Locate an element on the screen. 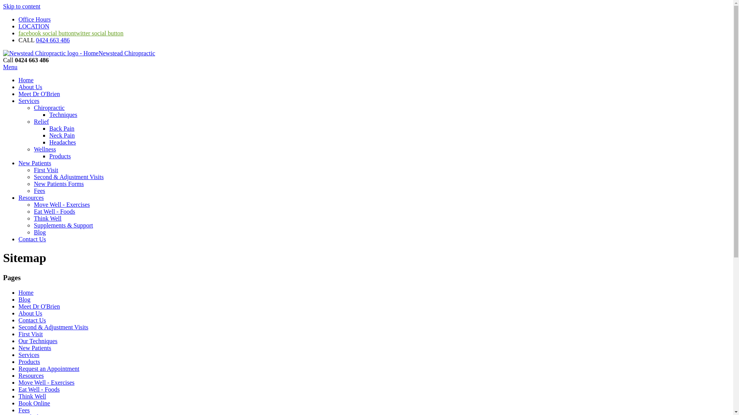 The width and height of the screenshot is (739, 415). 'Newstead Chiropractic' is located at coordinates (79, 53).